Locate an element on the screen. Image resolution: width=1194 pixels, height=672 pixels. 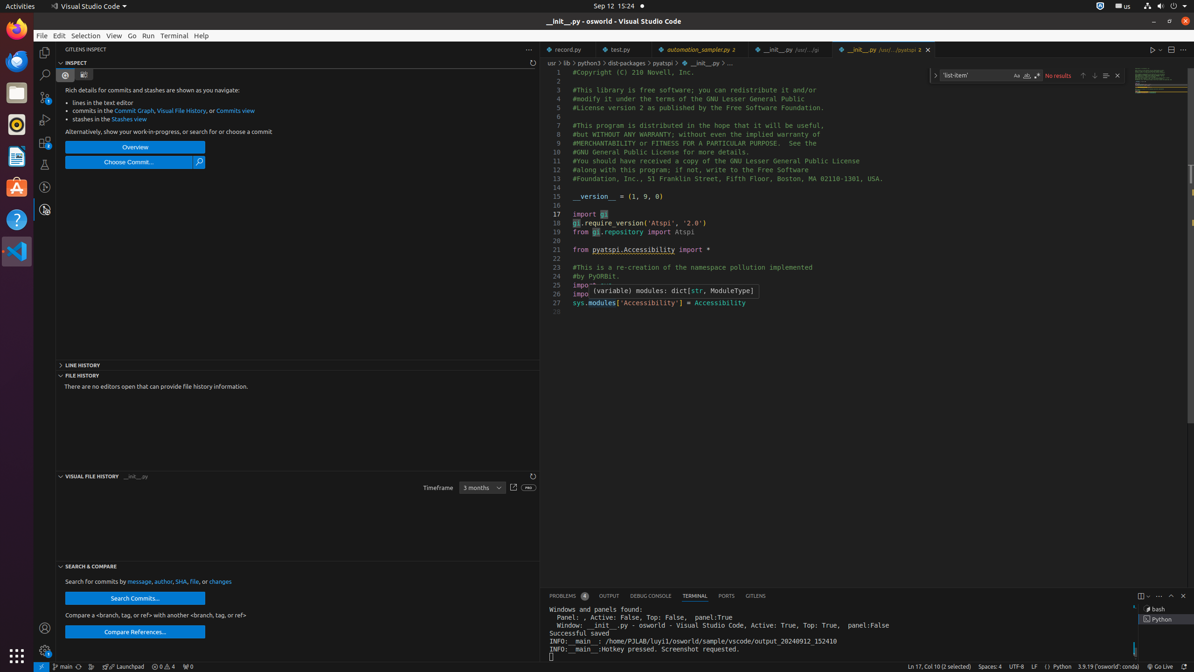
'Open in Editor' is located at coordinates (513, 488).